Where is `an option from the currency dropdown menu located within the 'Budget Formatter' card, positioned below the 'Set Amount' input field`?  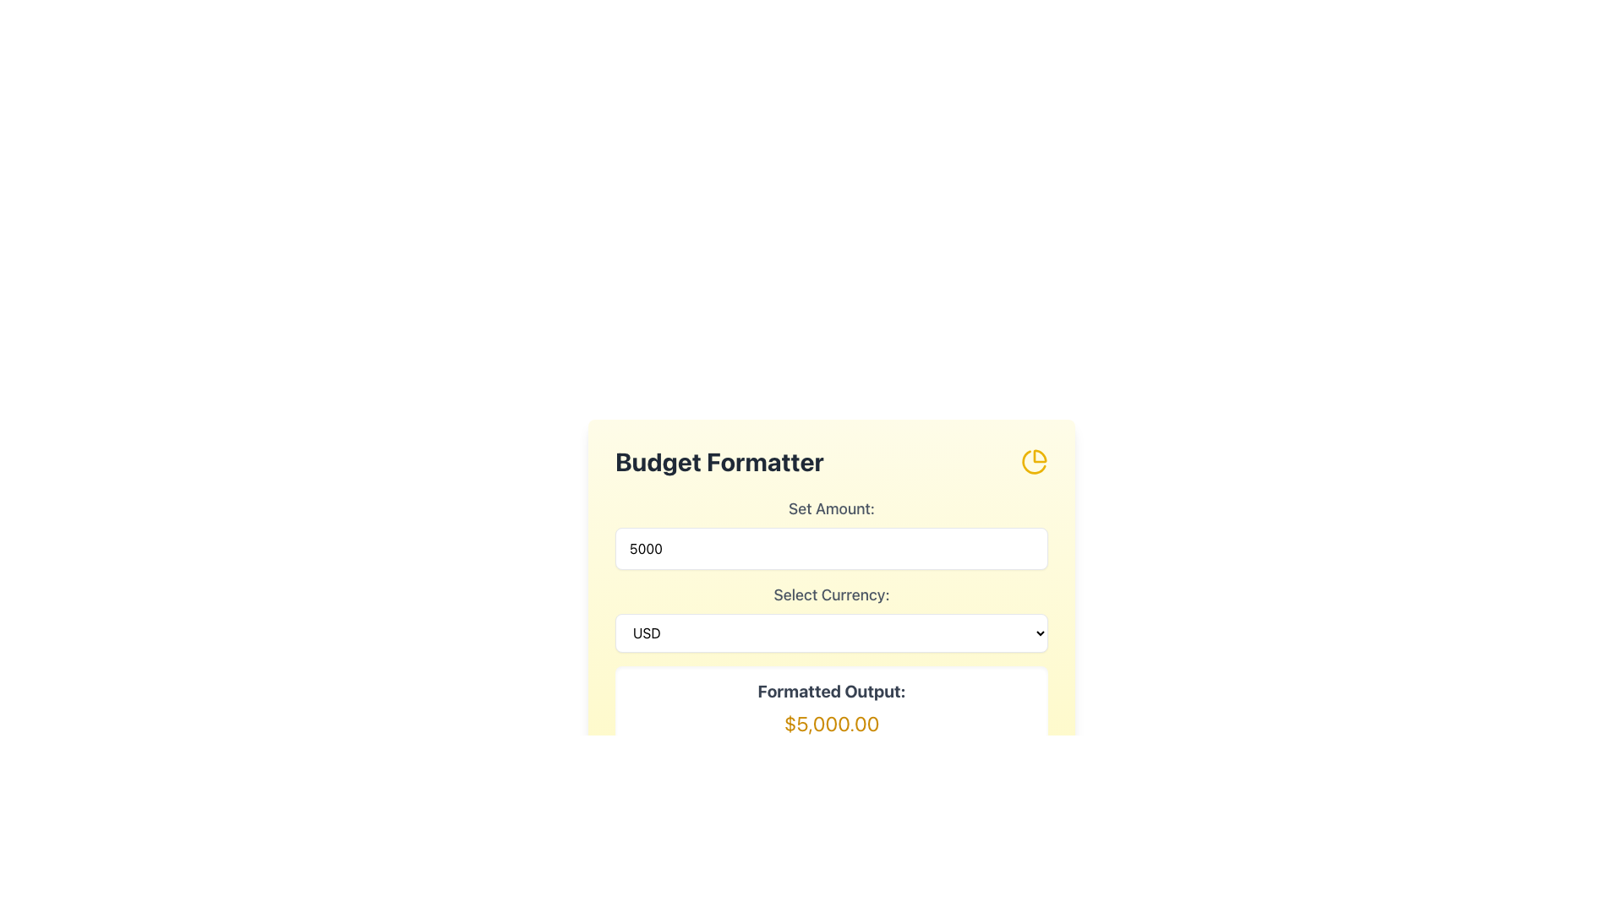 an option from the currency dropdown menu located within the 'Budget Formatter' card, positioned below the 'Set Amount' input field is located at coordinates (831, 618).